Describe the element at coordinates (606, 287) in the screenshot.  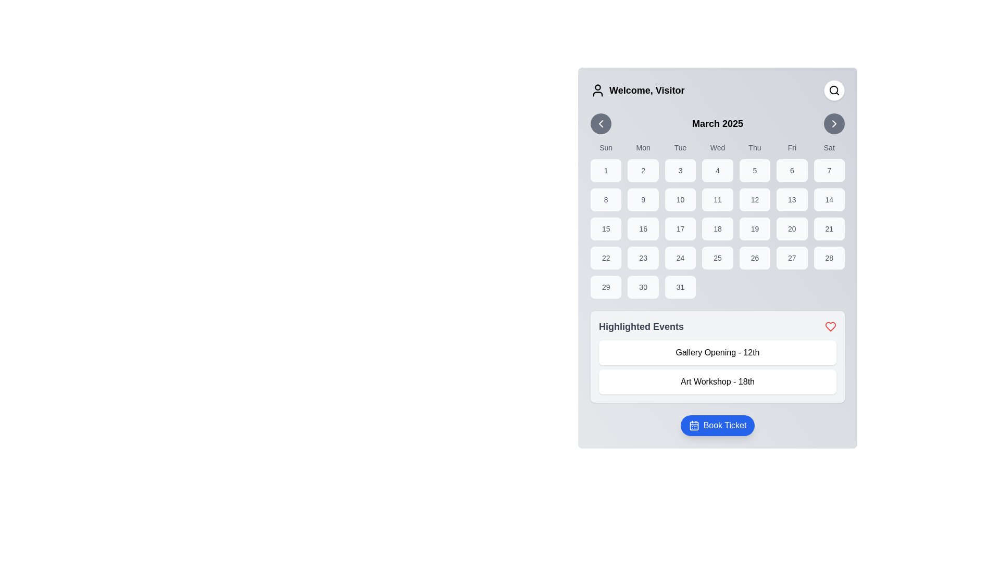
I see `the button representing the calendar day '29'` at that location.